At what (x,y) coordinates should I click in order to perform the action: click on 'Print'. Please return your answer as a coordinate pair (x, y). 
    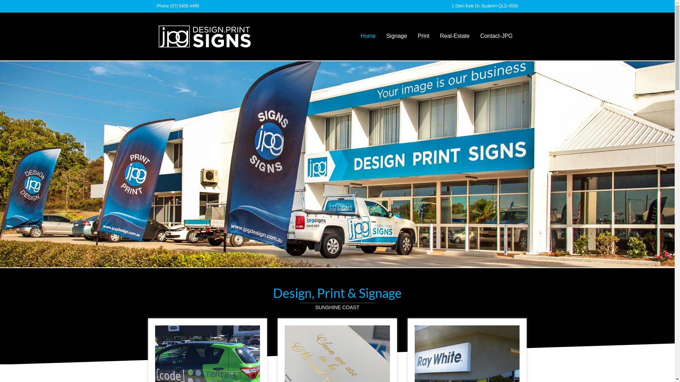
    Looking at the image, I should click on (423, 36).